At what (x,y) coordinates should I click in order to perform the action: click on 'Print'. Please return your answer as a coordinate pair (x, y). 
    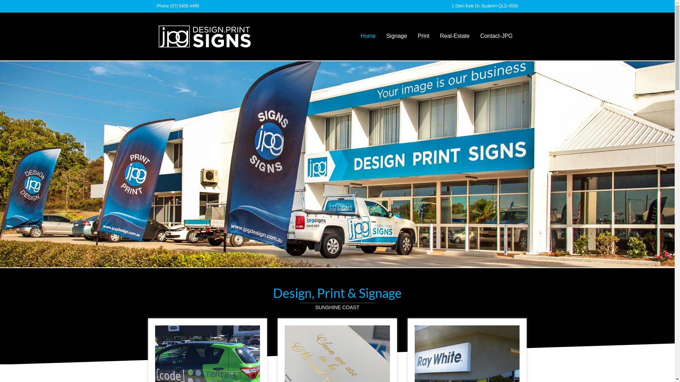
    Looking at the image, I should click on (423, 36).